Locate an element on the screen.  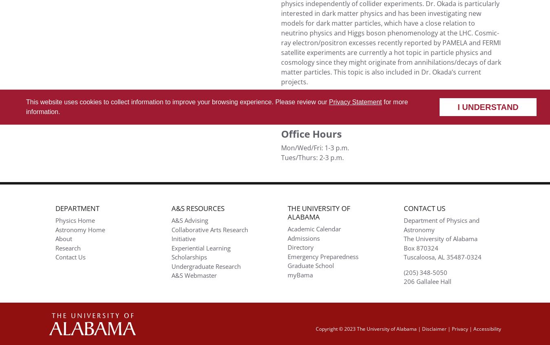
'Astronomy Home' is located at coordinates (80, 229).